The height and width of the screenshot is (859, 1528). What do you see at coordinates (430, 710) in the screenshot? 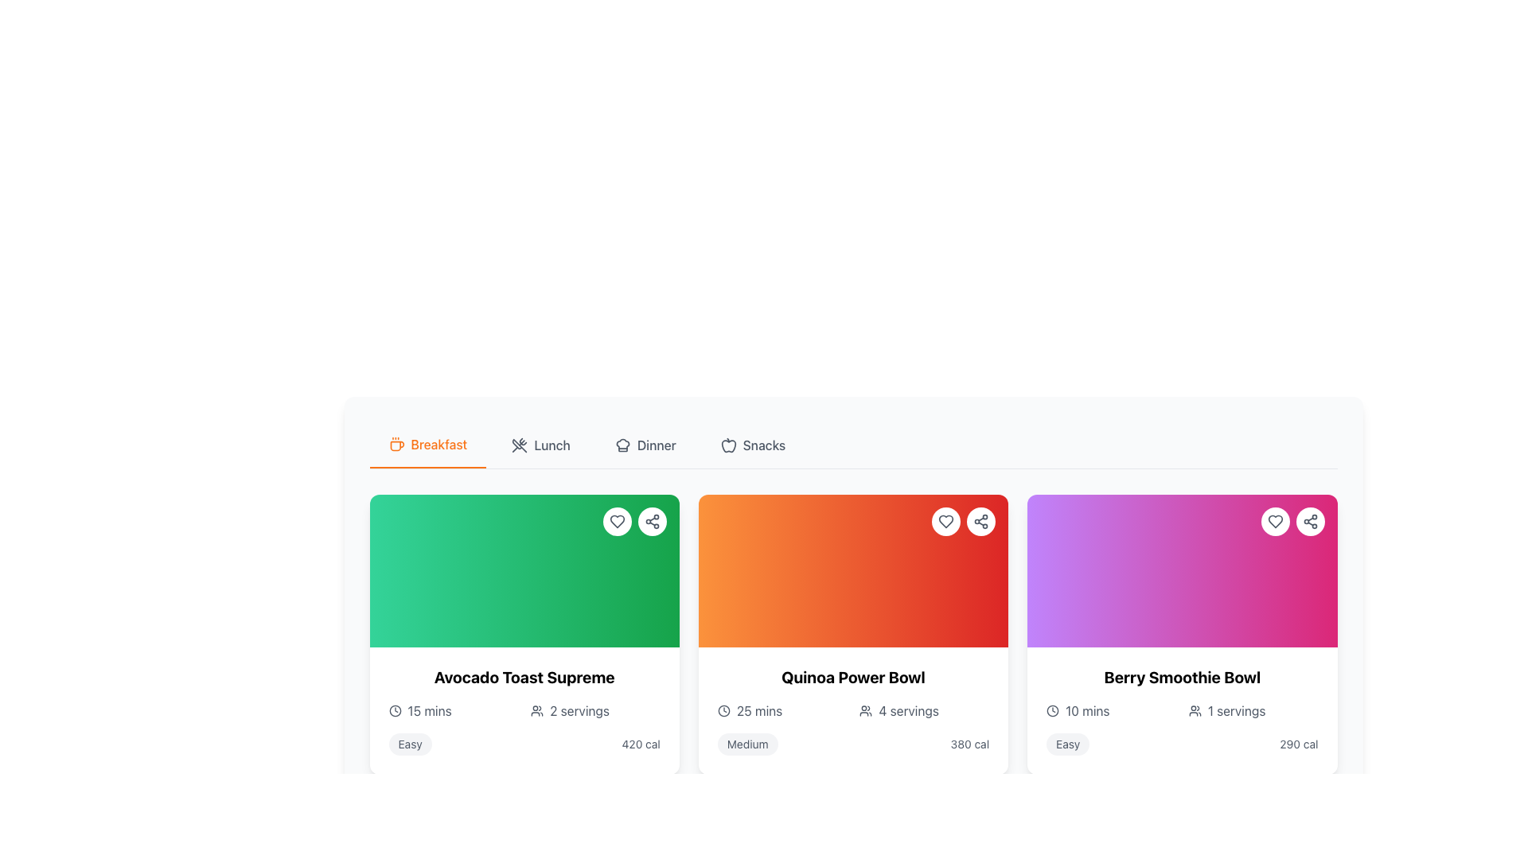
I see `the text label displaying '15 mins' located in the bottom-left section of the card for the 'Avocado Toast Supreme' recipe, which is aligned with other information like servings and calorie count` at bounding box center [430, 710].